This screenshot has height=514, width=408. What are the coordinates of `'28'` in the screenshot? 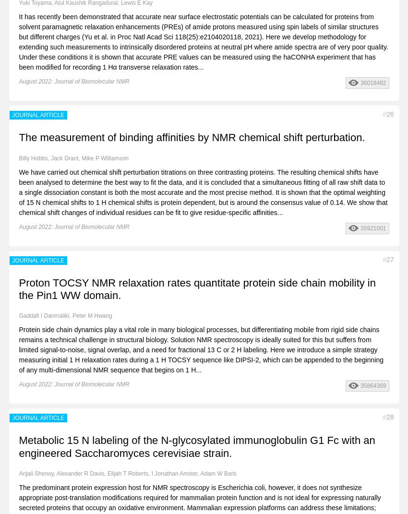 It's located at (390, 417).